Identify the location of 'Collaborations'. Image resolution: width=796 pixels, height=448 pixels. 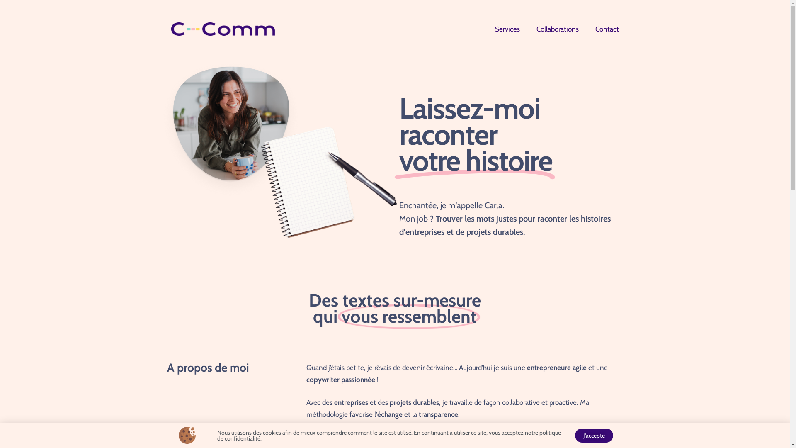
(527, 28).